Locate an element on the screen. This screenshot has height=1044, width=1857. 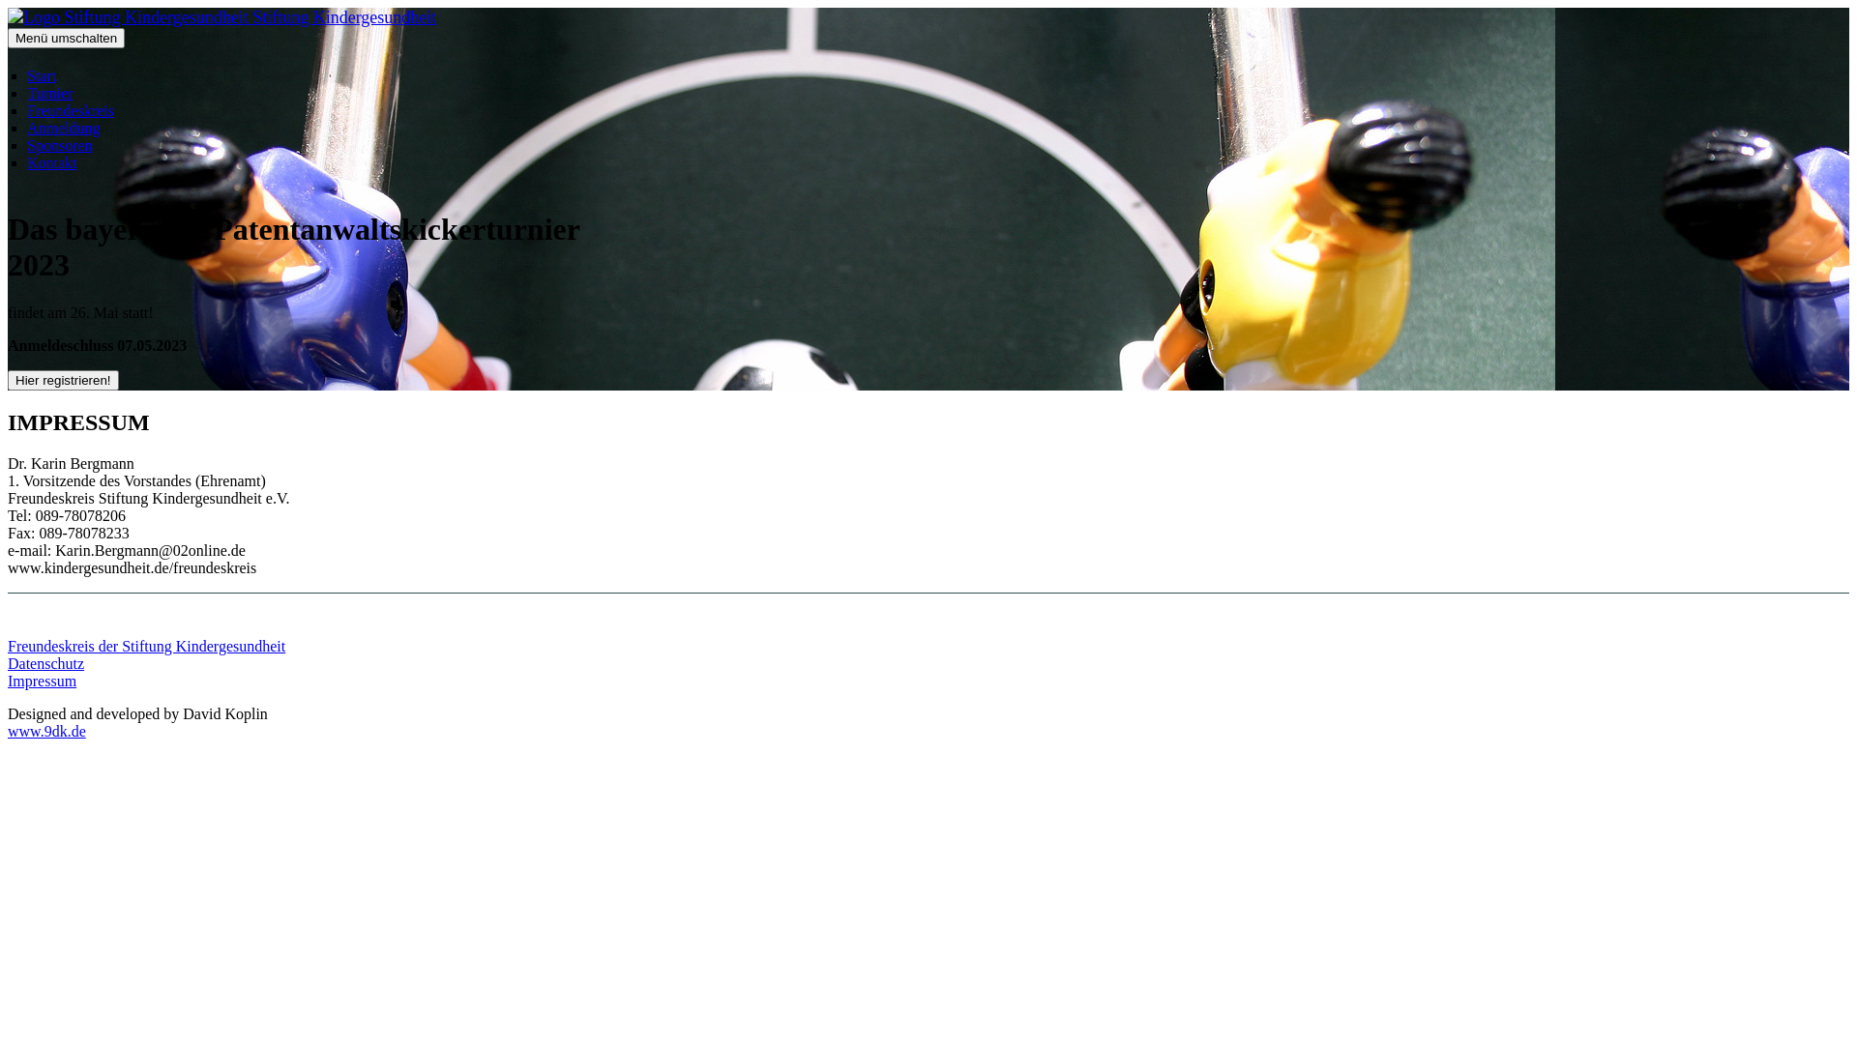
'www.9dk.de' is located at coordinates (46, 731).